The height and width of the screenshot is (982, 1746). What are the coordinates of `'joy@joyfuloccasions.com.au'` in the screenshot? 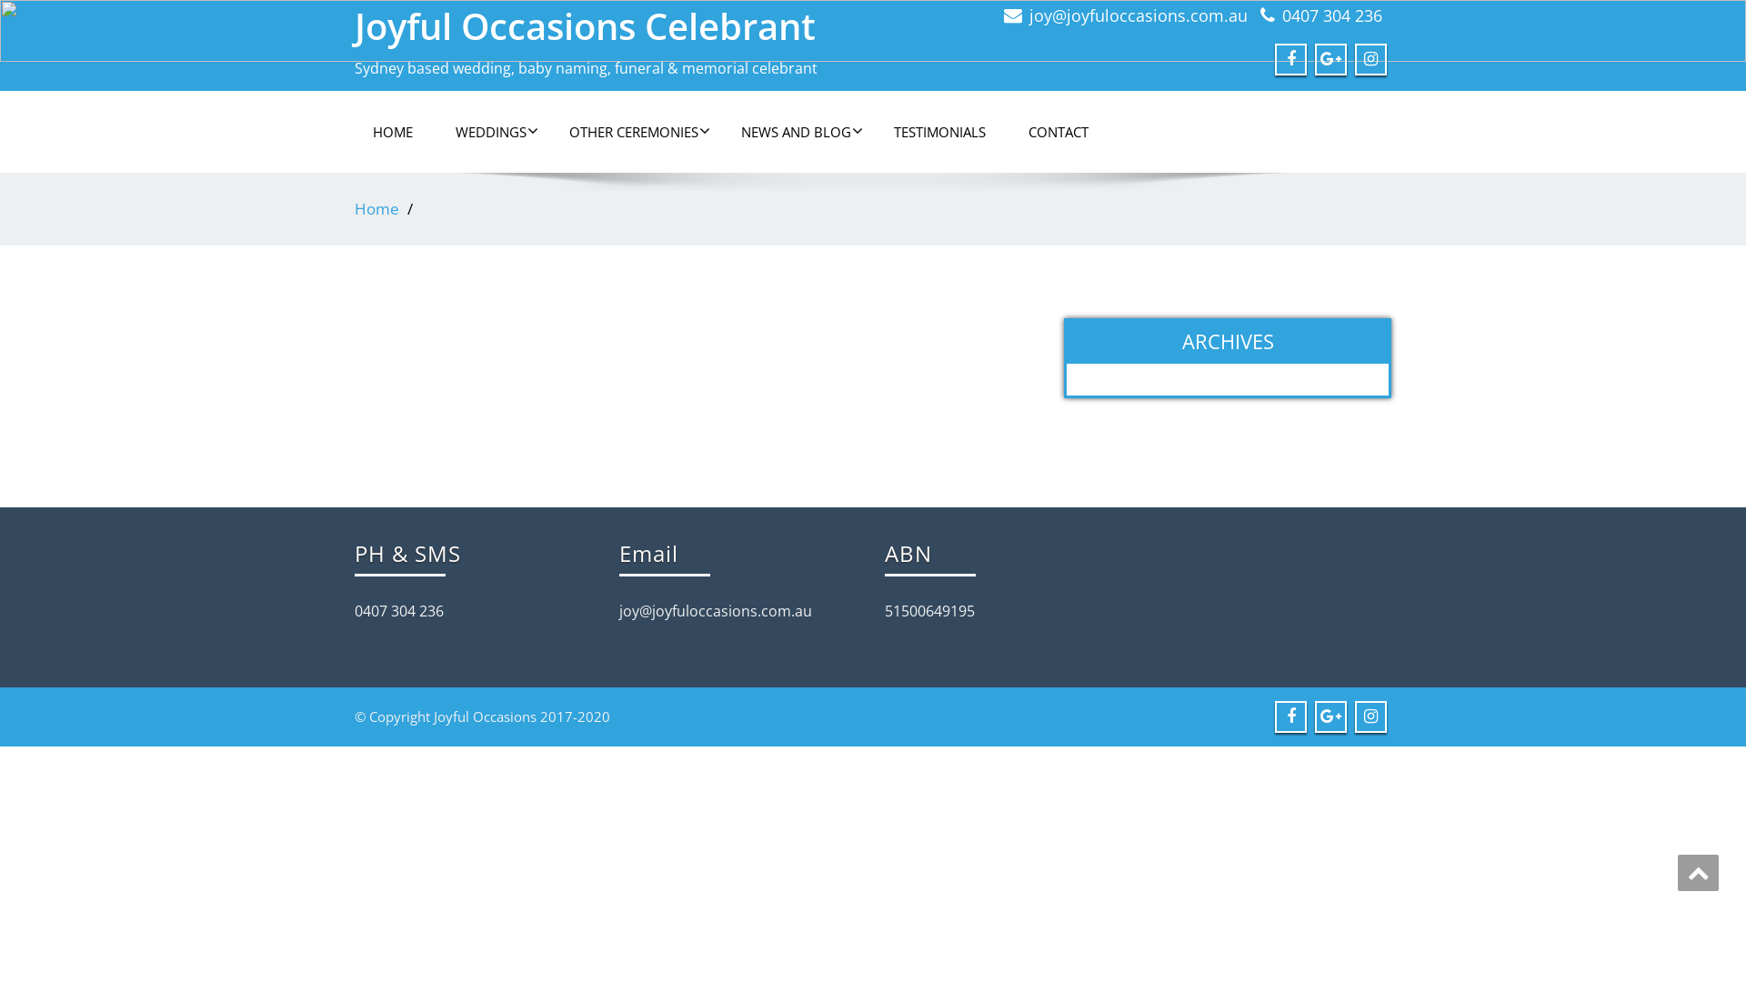 It's located at (1029, 15).